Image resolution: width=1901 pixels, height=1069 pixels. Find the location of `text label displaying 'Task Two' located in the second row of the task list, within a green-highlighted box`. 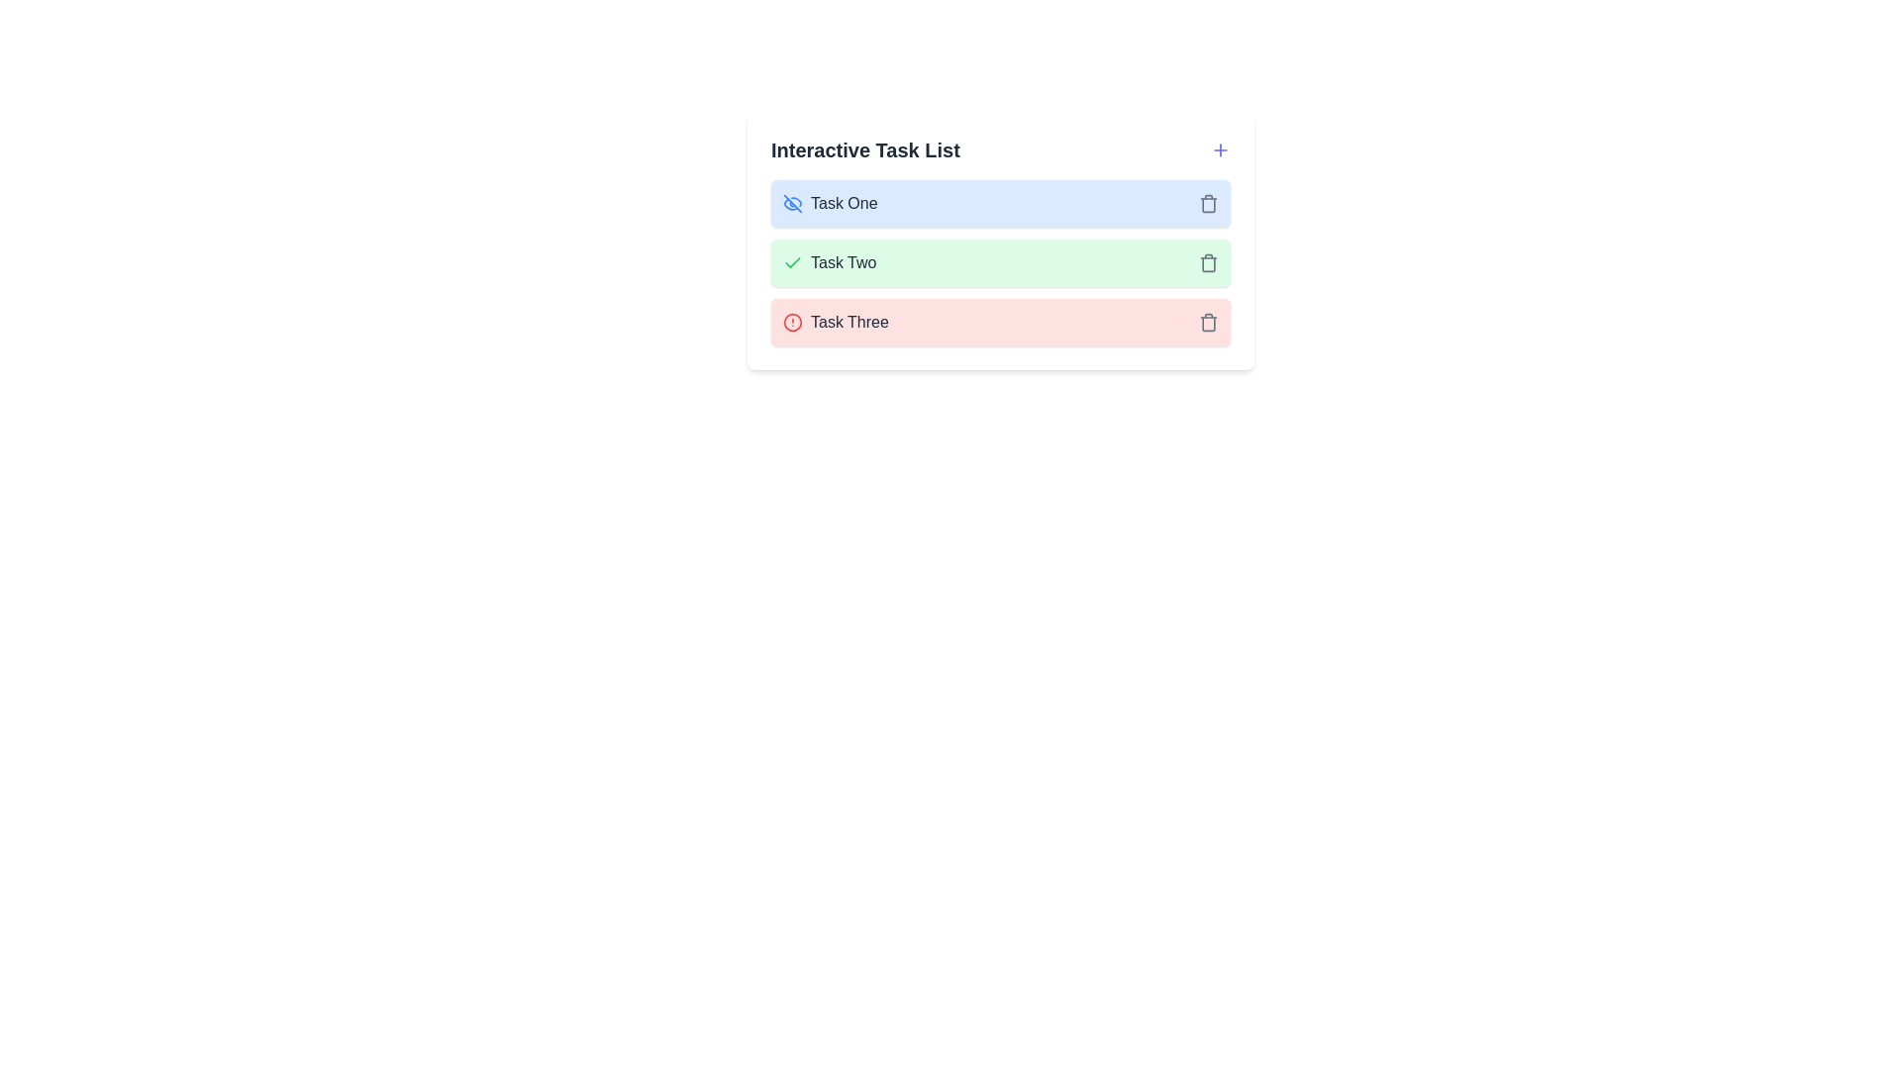

text label displaying 'Task Two' located in the second row of the task list, within a green-highlighted box is located at coordinates (844, 262).